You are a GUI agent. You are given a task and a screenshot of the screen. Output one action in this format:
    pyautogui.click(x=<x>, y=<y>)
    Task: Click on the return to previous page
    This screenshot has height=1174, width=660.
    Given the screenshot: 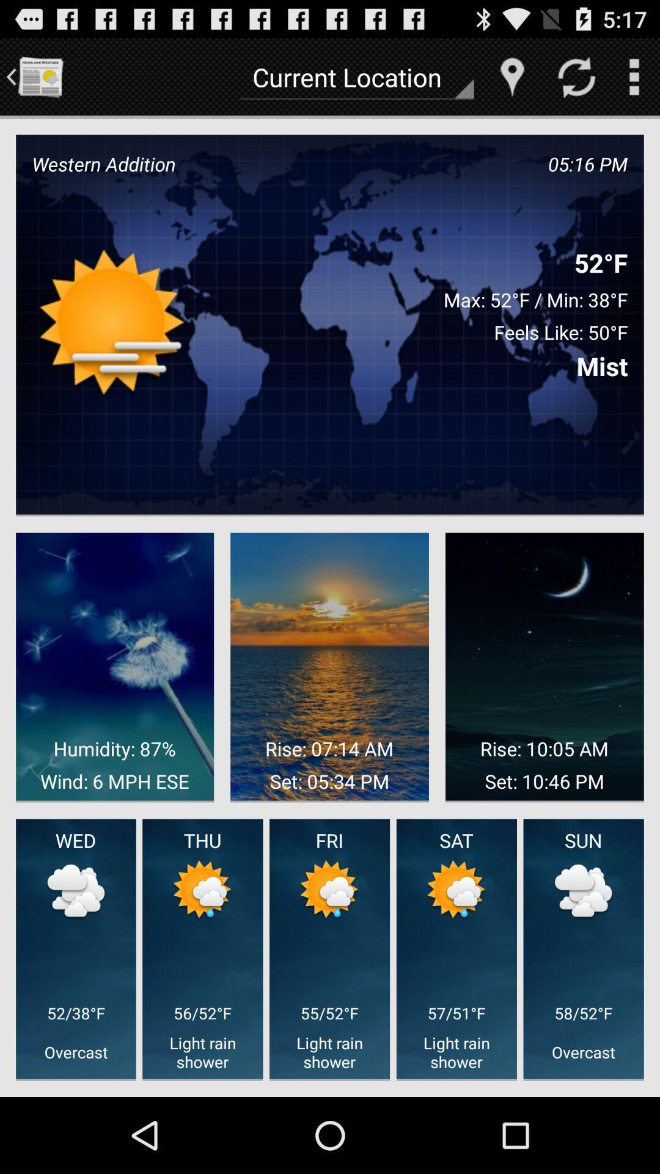 What is the action you would take?
    pyautogui.click(x=39, y=76)
    